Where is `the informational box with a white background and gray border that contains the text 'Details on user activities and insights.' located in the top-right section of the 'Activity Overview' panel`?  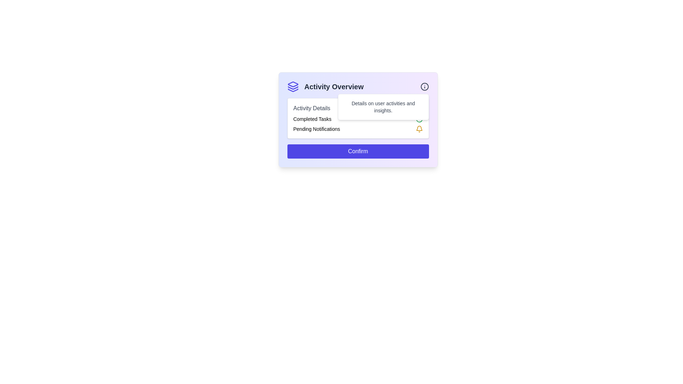
the informational box with a white background and gray border that contains the text 'Details on user activities and insights.' located in the top-right section of the 'Activity Overview' panel is located at coordinates (383, 107).